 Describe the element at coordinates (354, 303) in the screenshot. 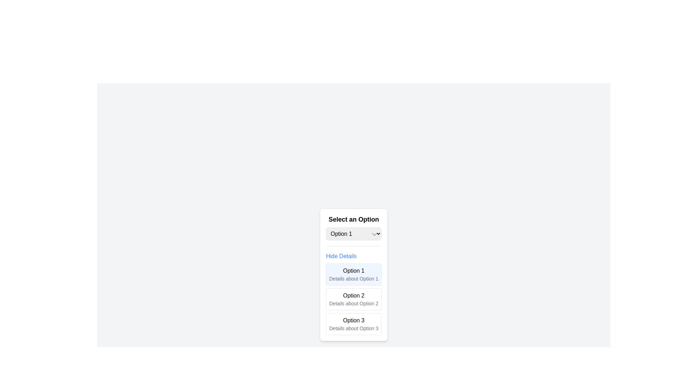

I see `the static text label that reads 'Details about Option 2', which is styled in gray and is positioned below the title 'Option 2'` at that location.